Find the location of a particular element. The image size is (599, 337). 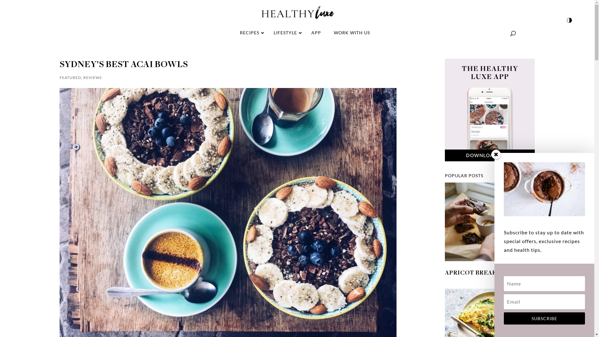

'APRICOT BREAKFAST BARS' is located at coordinates (488, 273).